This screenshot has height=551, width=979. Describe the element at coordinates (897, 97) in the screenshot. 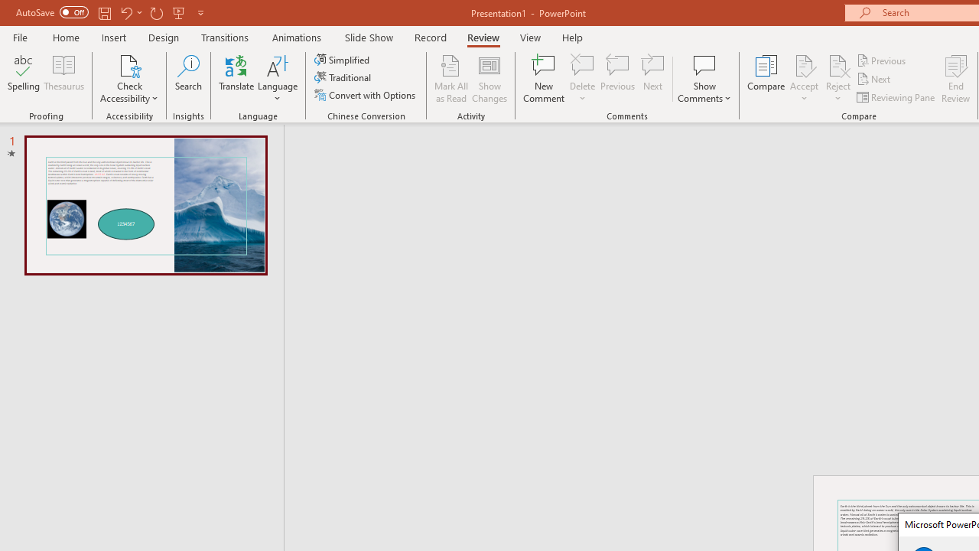

I see `'Reviewing Pane'` at that location.